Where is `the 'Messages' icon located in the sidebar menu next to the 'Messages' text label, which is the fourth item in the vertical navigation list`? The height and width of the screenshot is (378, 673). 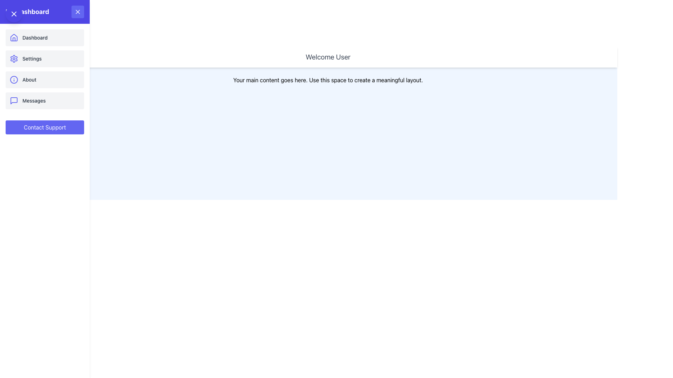 the 'Messages' icon located in the sidebar menu next to the 'Messages' text label, which is the fourth item in the vertical navigation list is located at coordinates (14, 101).